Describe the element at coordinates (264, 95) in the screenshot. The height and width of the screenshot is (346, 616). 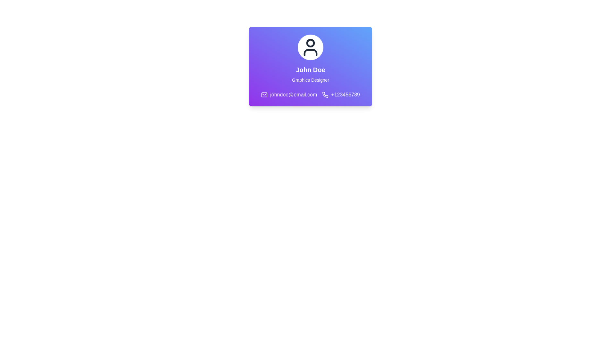
I see `the email icon located to the left of the email address 'johndoe@email.com'` at that location.